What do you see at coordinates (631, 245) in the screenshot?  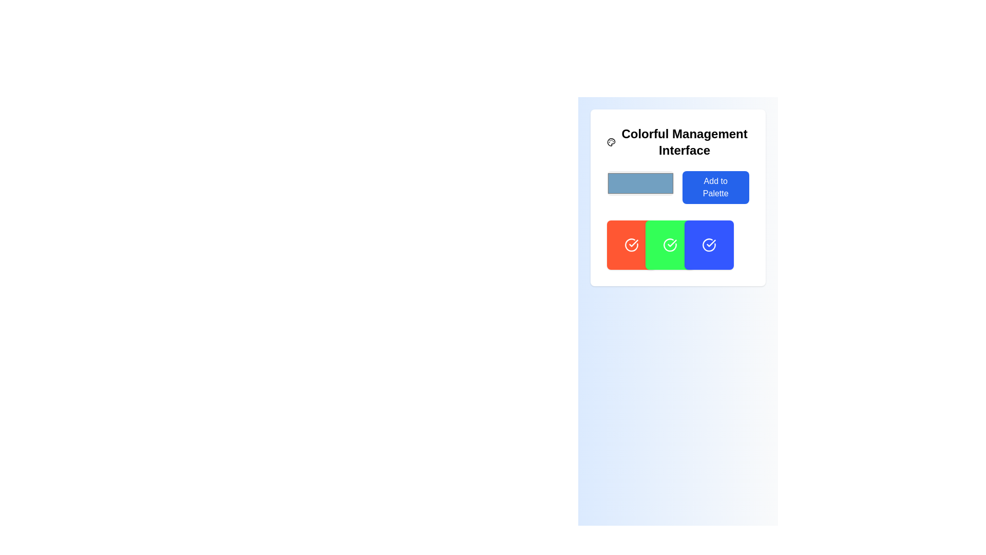 I see `the green square button that contains the circular design SVG icon to confirm the action` at bounding box center [631, 245].